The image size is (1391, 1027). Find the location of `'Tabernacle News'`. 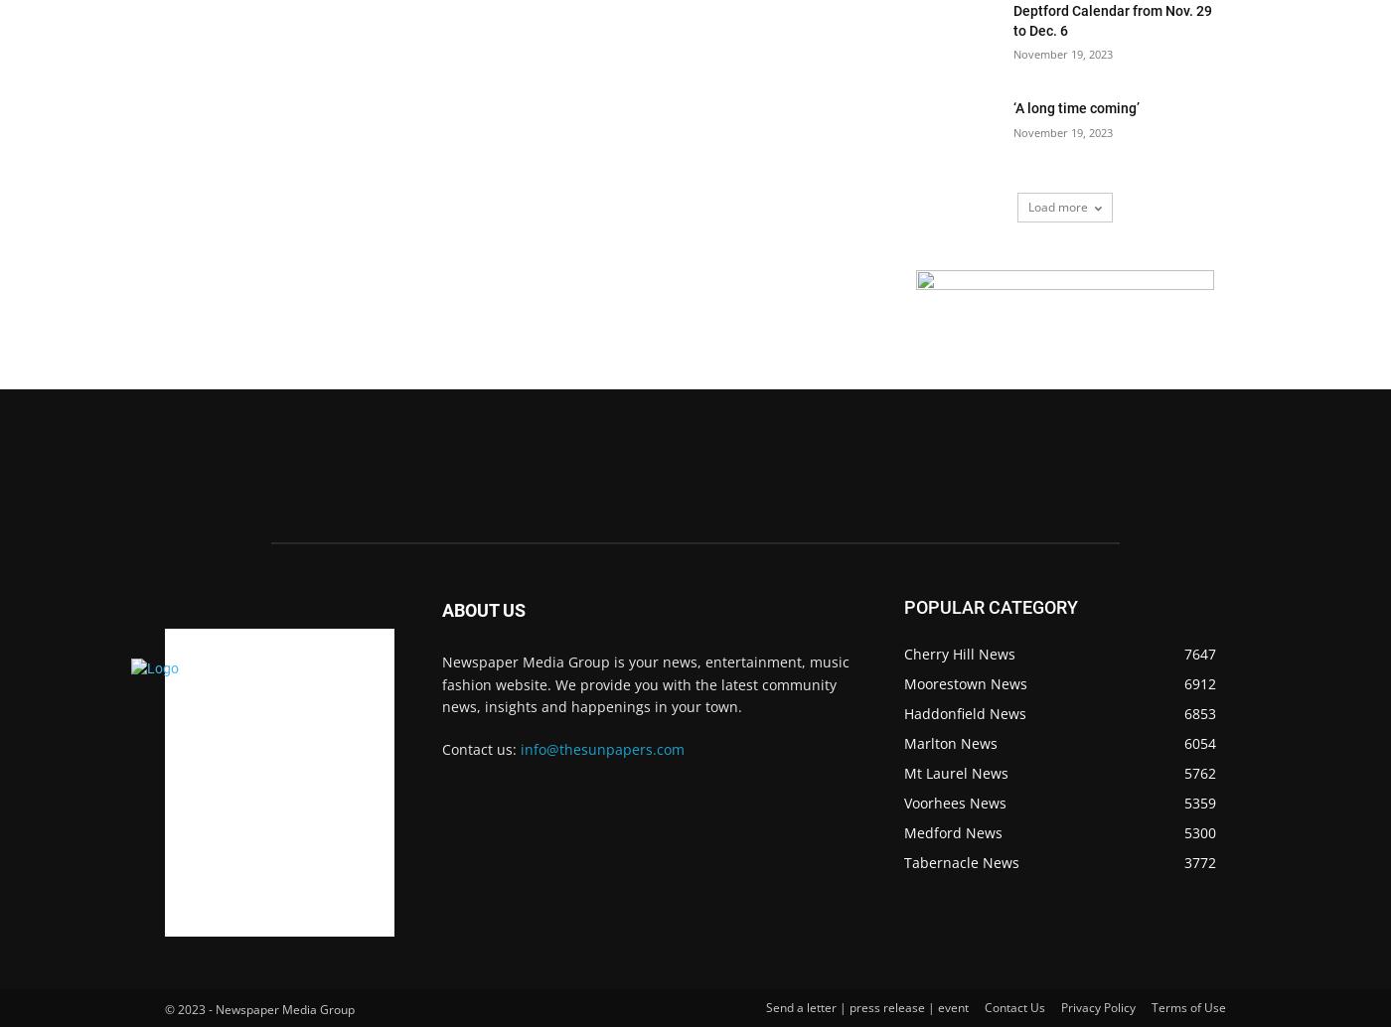

'Tabernacle News' is located at coordinates (961, 861).